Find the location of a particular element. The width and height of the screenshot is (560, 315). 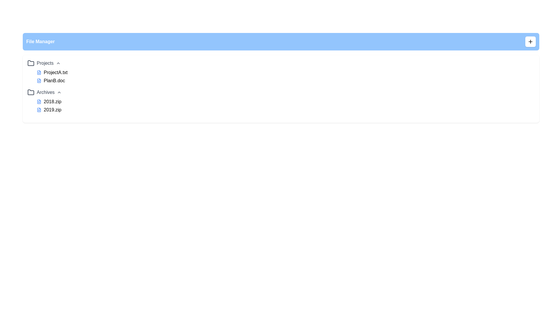

the folder icon labeled 'Projects' located at the top of the folder section is located at coordinates (30, 63).